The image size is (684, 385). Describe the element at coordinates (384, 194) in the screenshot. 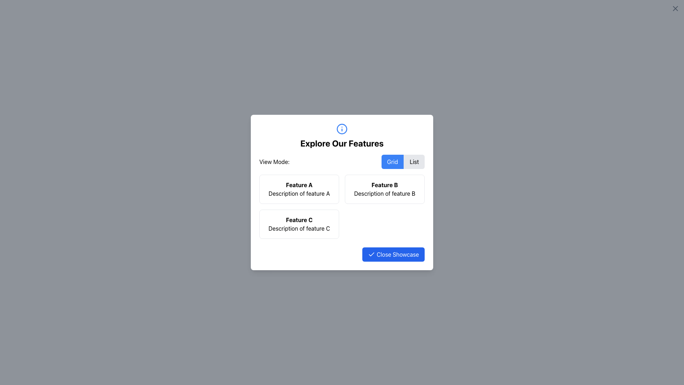

I see `the descriptive text label providing information about 'Feature B', located directly beneath the bolded title in the upper-right square of the three-item grid` at that location.